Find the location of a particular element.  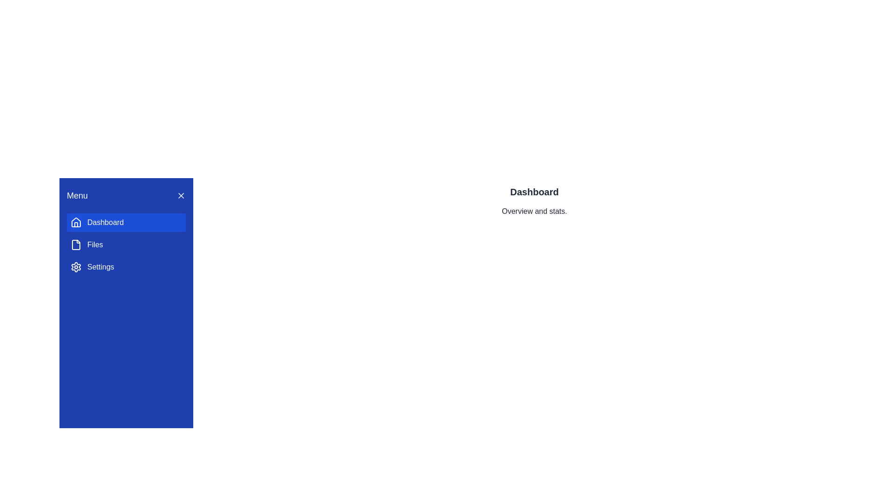

the 'X' button to close the drawer is located at coordinates (181, 195).